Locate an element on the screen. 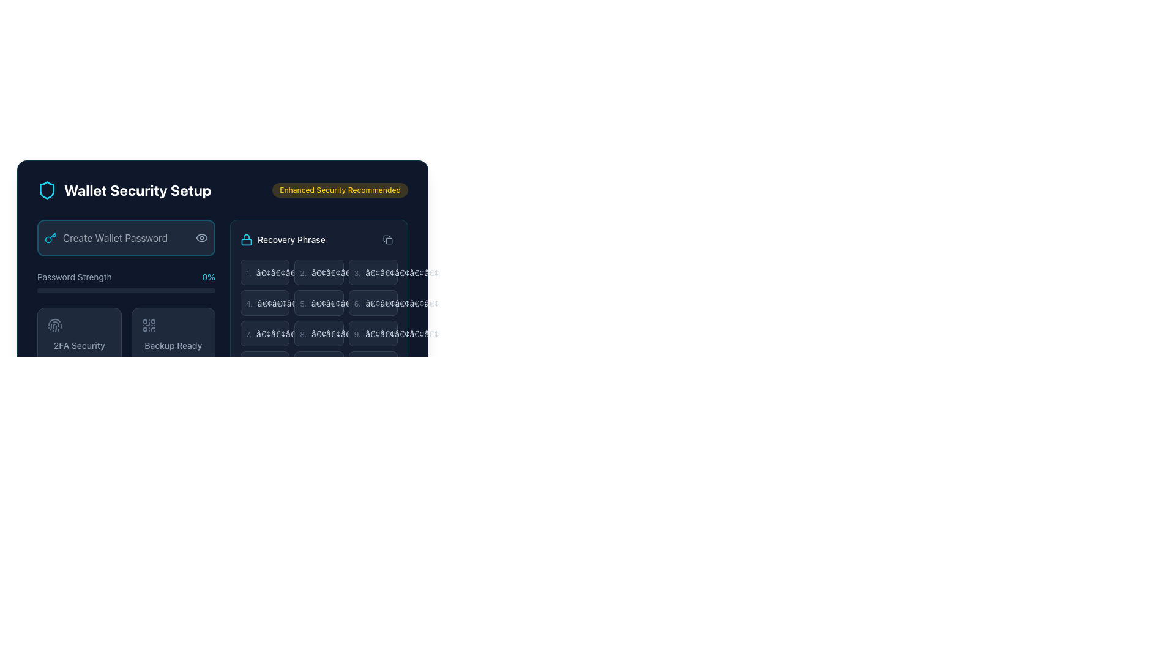 This screenshot has width=1175, height=661. the Static text element consisting of a string of dots, which is located to the right of the numeric identifier '2.' within the box labeled 'Recovery Phrase' is located at coordinates (348, 272).